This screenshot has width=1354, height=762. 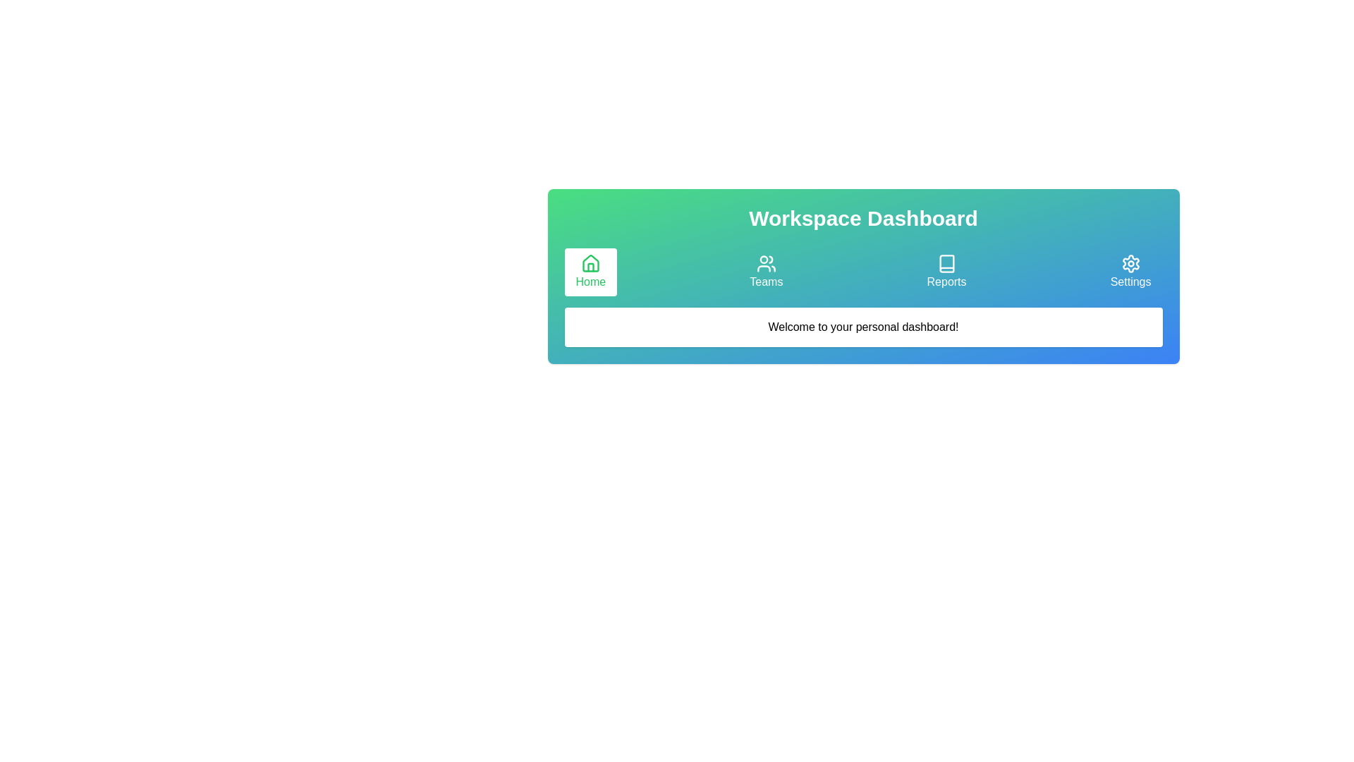 I want to click on the 'Settings' text label, which is styled in white over a blue background and located in the top right corner of the navigation bar, so click(x=1130, y=282).